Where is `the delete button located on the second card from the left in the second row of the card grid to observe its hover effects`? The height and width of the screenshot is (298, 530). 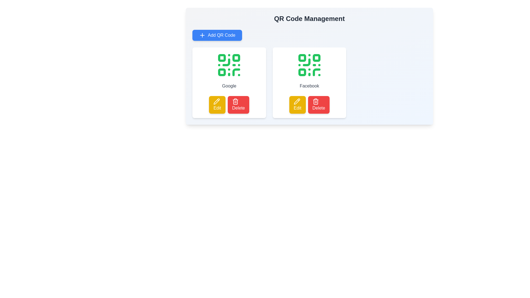
the delete button located on the second card from the left in the second row of the card grid to observe its hover effects is located at coordinates (319, 105).